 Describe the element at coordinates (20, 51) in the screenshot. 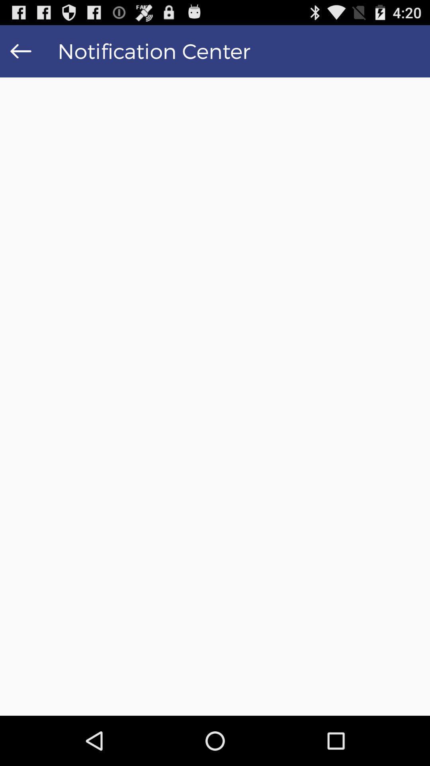

I see `the item to the left of the notification center item` at that location.